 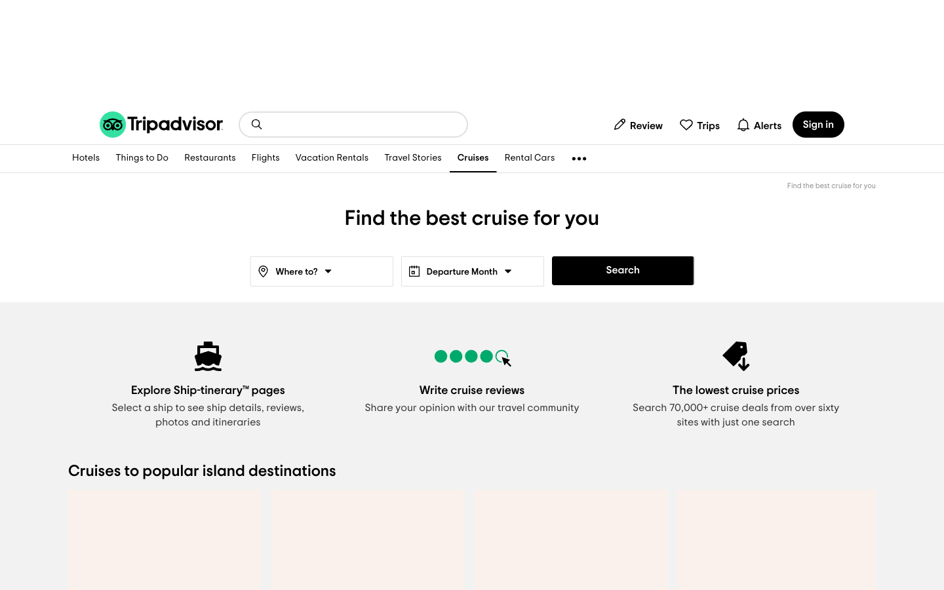 I want to click on Locate lodging services in your current region, so click(x=85, y=158).